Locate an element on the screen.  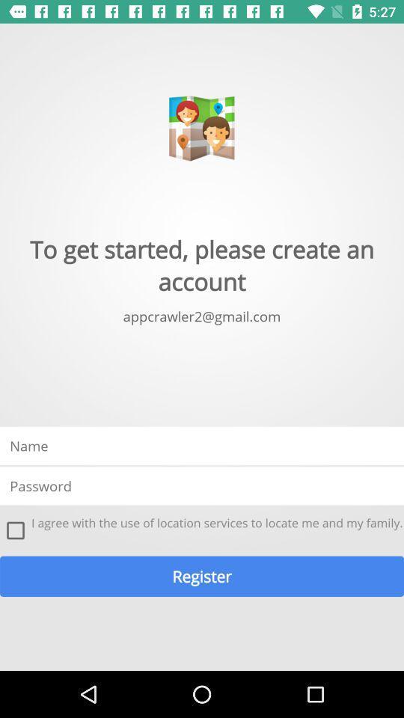
item above the register item is located at coordinates (15, 530).